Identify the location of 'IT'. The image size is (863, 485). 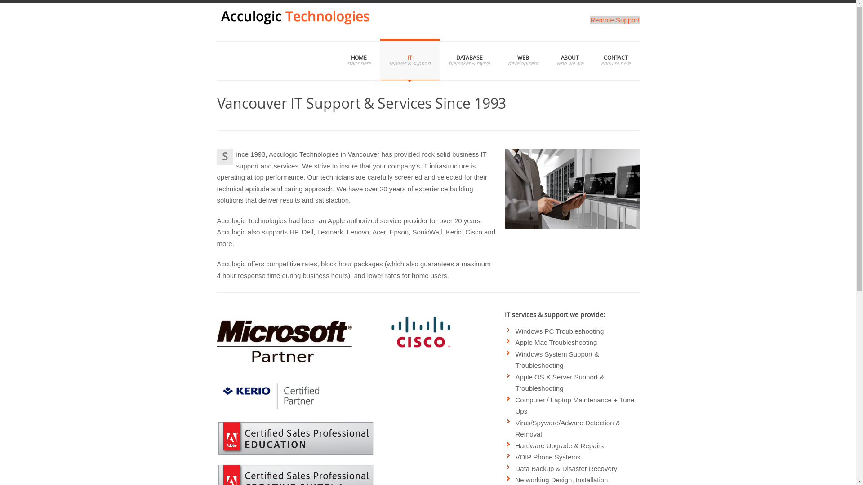
(409, 59).